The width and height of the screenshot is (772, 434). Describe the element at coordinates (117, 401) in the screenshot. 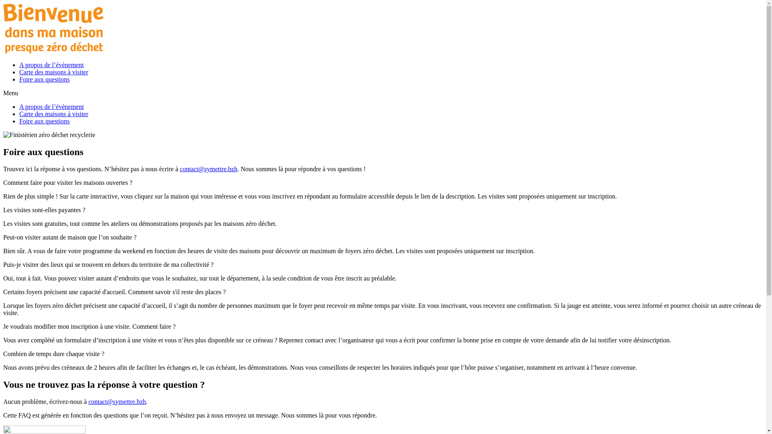

I see `'contact@symettre.bzh'` at that location.